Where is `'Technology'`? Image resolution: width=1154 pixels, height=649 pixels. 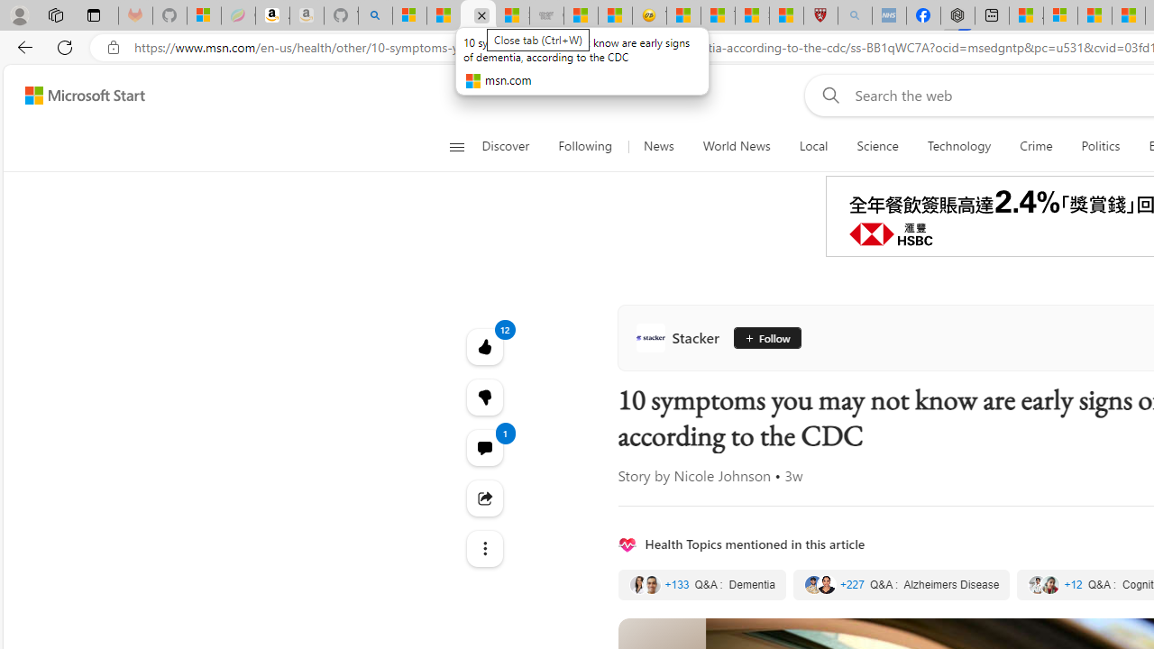 'Technology' is located at coordinates (958, 146).